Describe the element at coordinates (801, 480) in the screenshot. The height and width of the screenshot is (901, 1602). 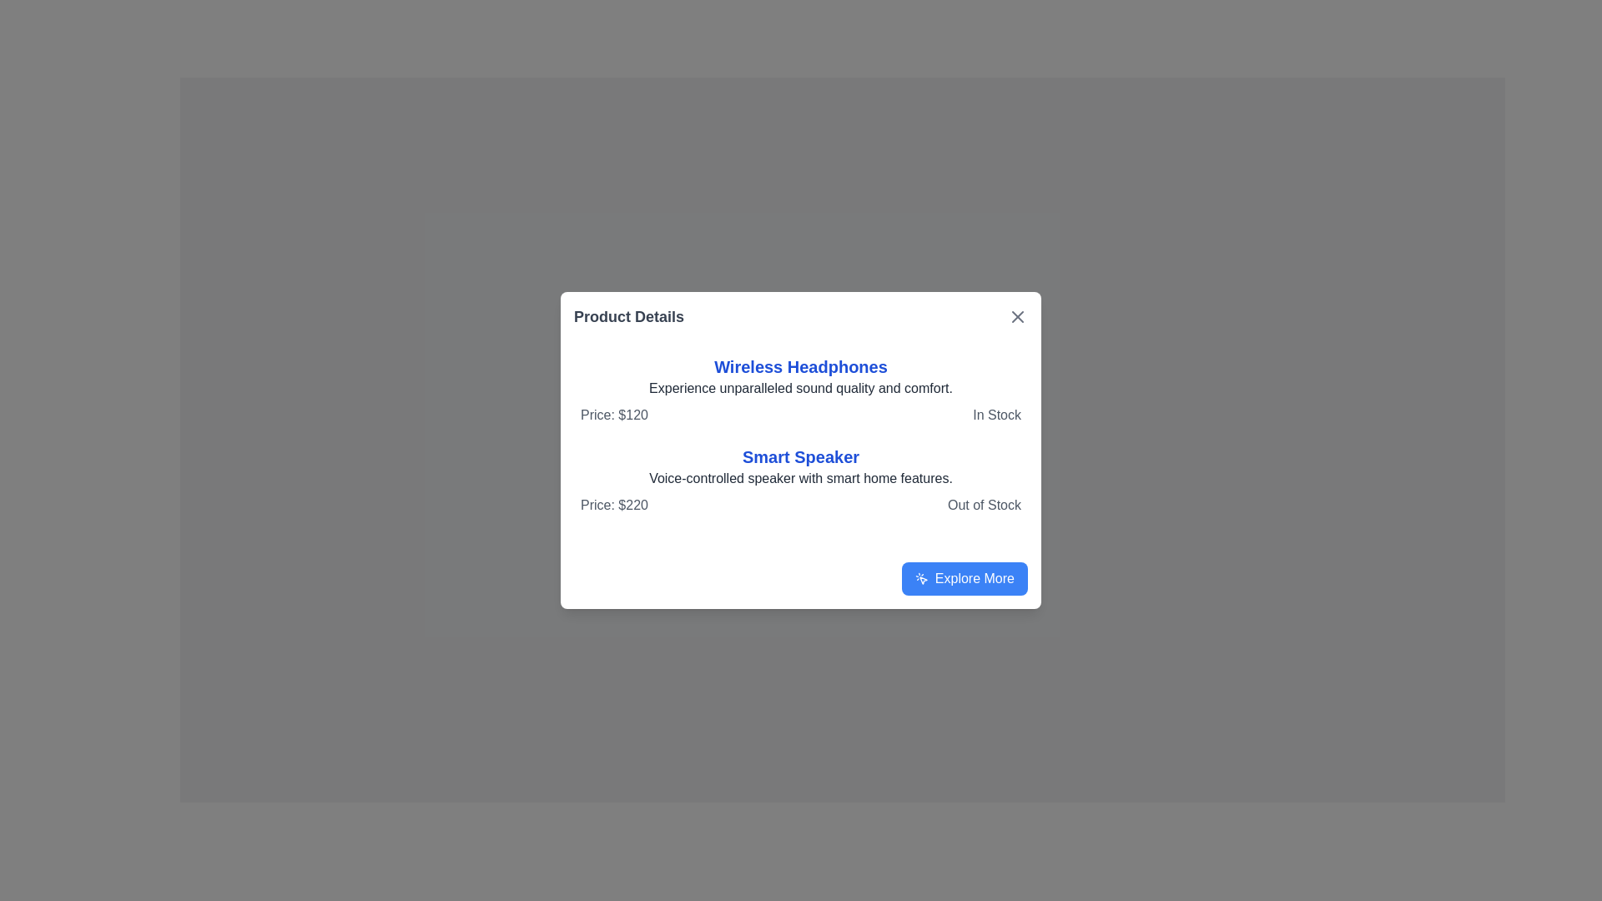
I see `informational group about the 'Smart Speaker' product, which includes its name, description, price, and availability, positioned above the 'Explore More' button` at that location.